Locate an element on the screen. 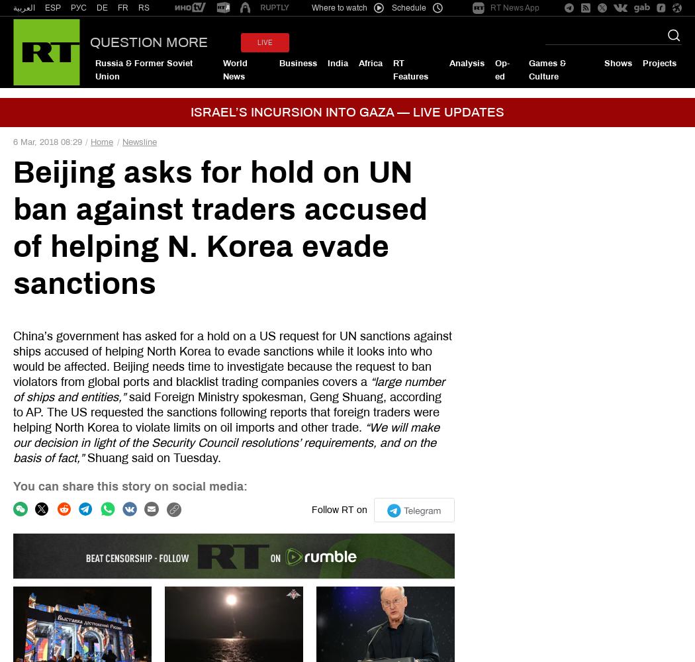  'Where to watch' is located at coordinates (339, 8).